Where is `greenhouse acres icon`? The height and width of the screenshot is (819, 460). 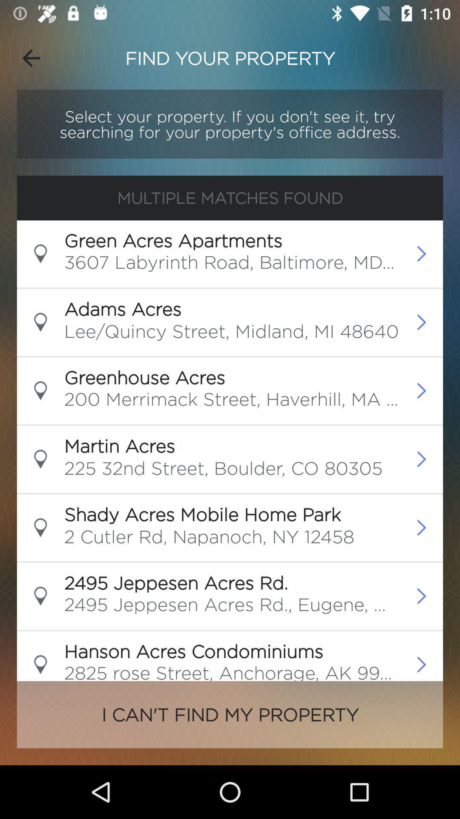
greenhouse acres icon is located at coordinates (144, 377).